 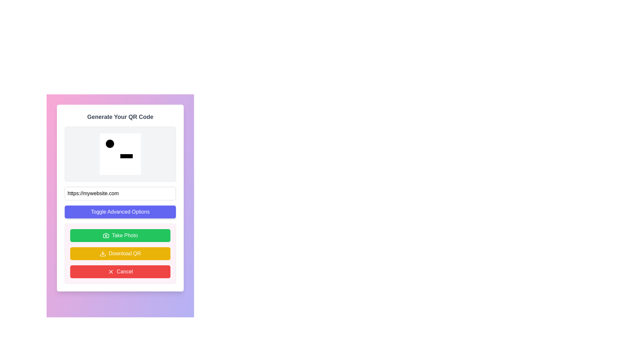 I want to click on the toggle button located centrally in the vertical layout, so click(x=120, y=212).